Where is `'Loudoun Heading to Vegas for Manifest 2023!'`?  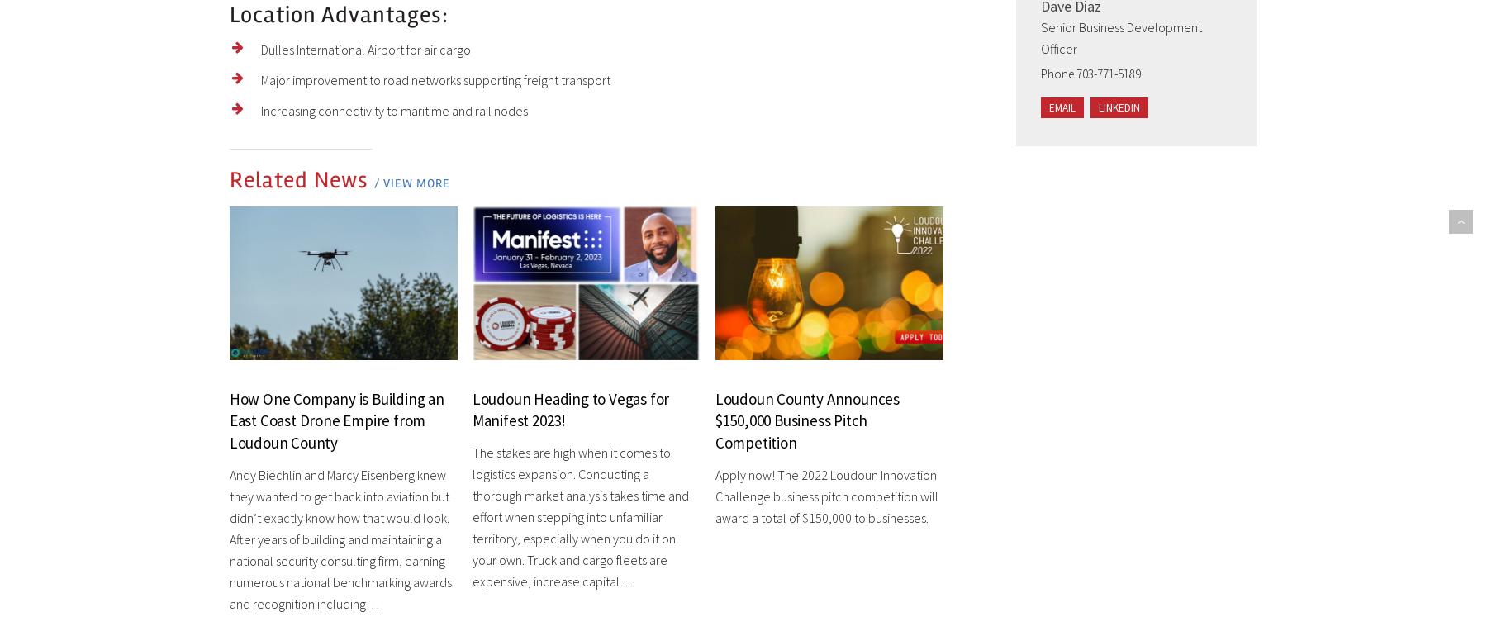
'Loudoun Heading to Vegas for Manifest 2023!' is located at coordinates (471, 407).